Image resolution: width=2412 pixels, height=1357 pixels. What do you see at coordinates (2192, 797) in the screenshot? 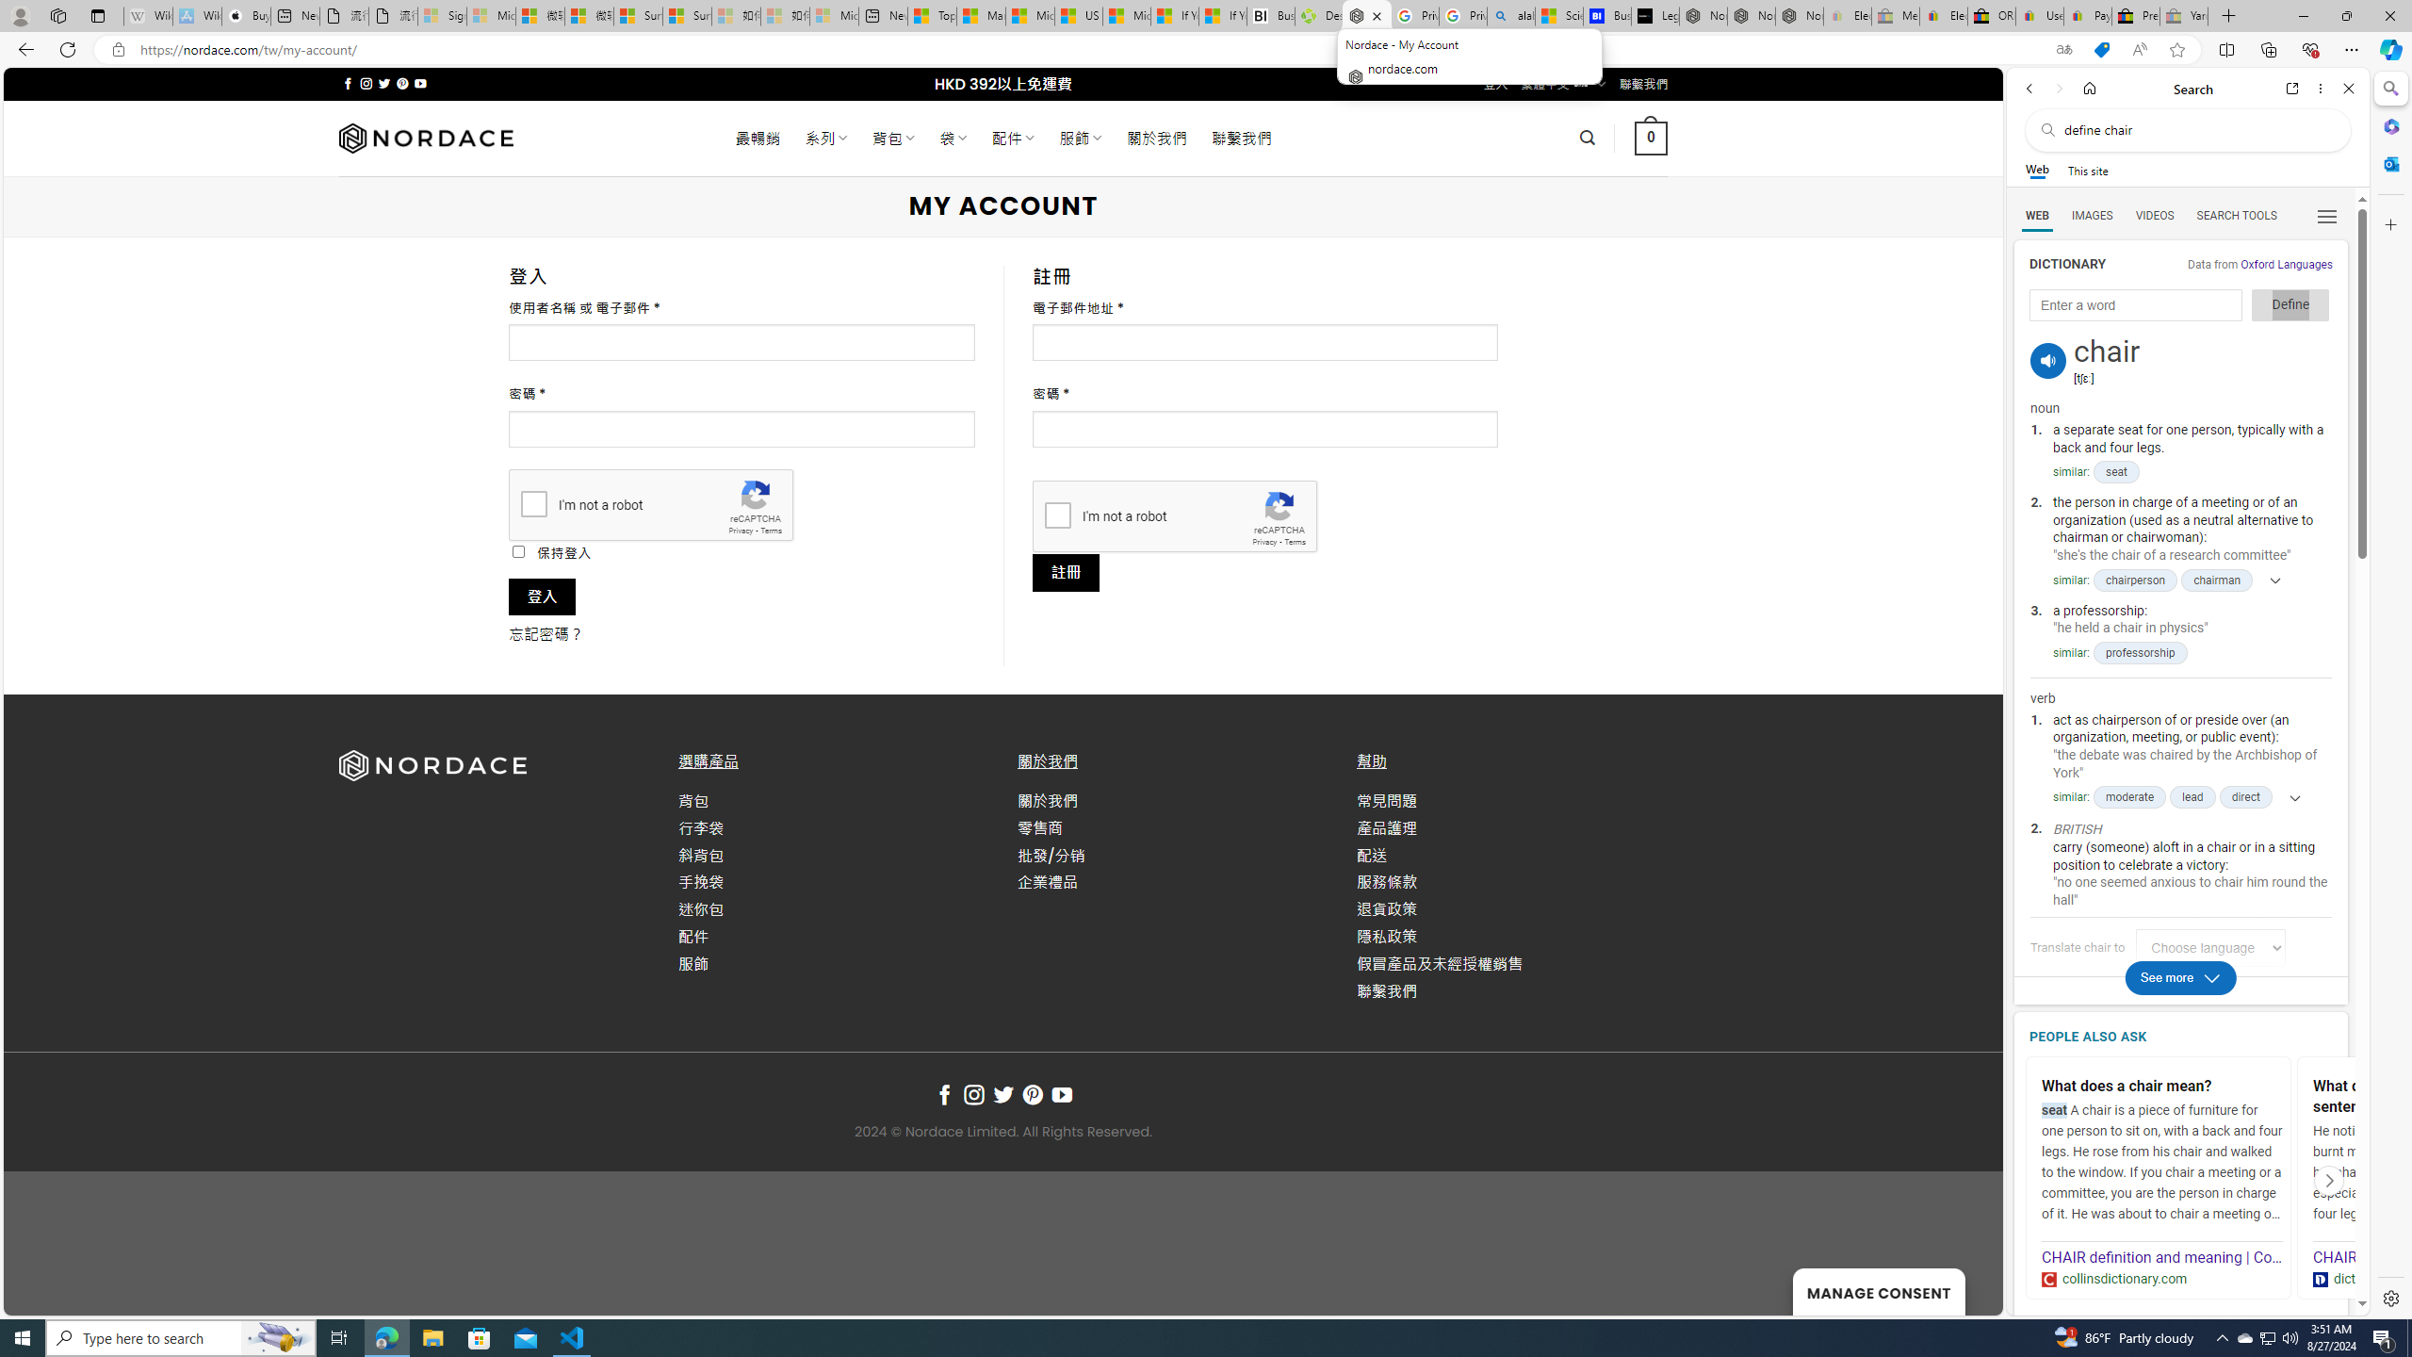
I see `'lead'` at bounding box center [2192, 797].